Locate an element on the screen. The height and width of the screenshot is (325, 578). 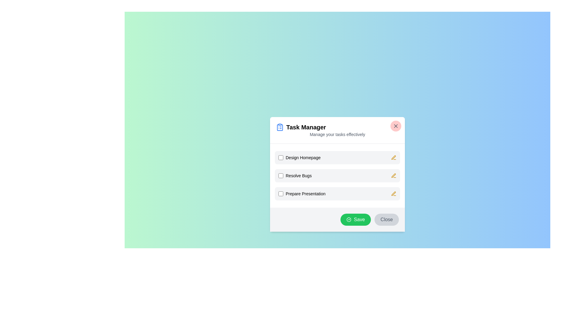
the checkbox located to the left of the text label 'Resolve Bugs' is located at coordinates (280, 175).